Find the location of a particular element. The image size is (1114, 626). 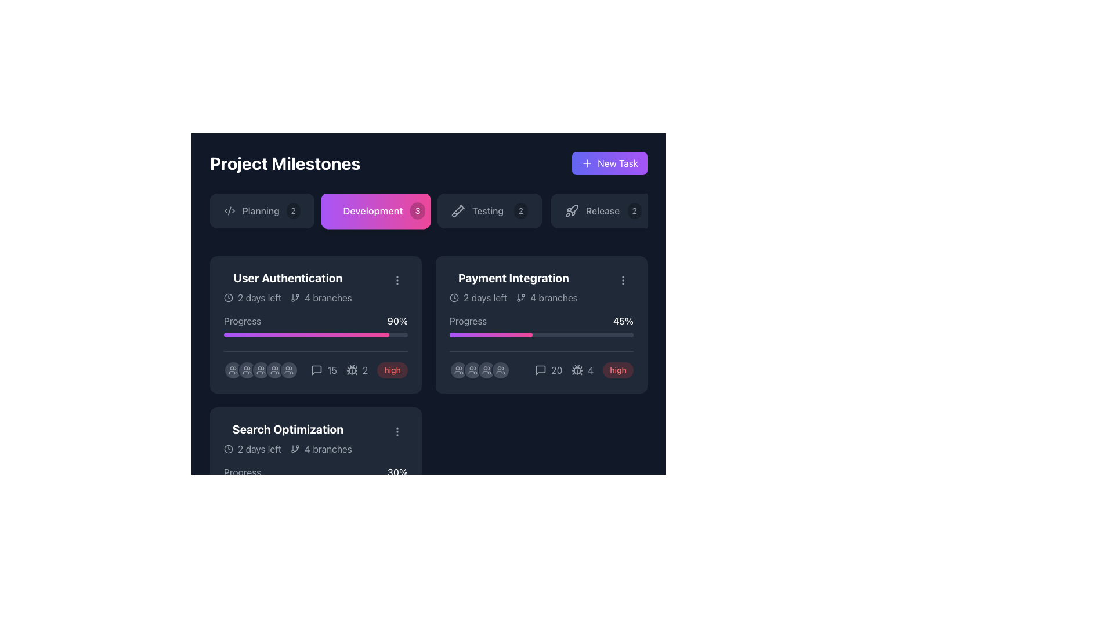

the fourth circular icon from the left in the group of five icons located below the 'Payment Integration' section is located at coordinates (487, 370).